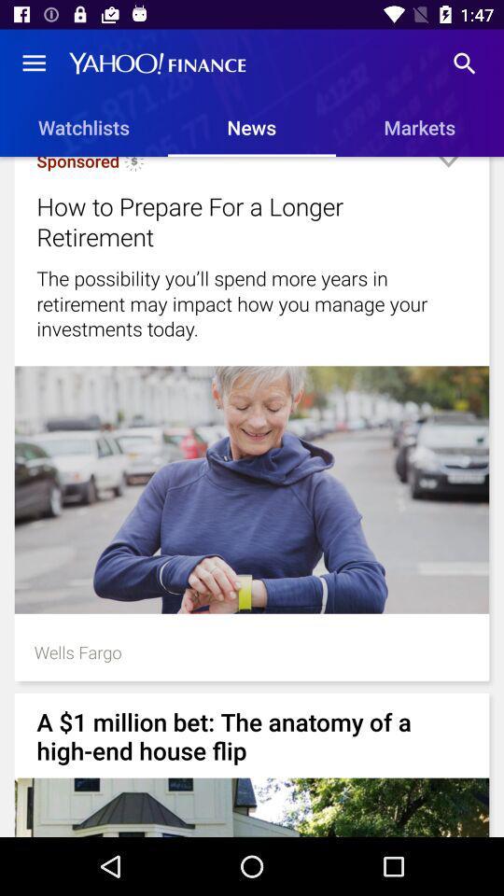  I want to click on the possibility you icon, so click(252, 303).